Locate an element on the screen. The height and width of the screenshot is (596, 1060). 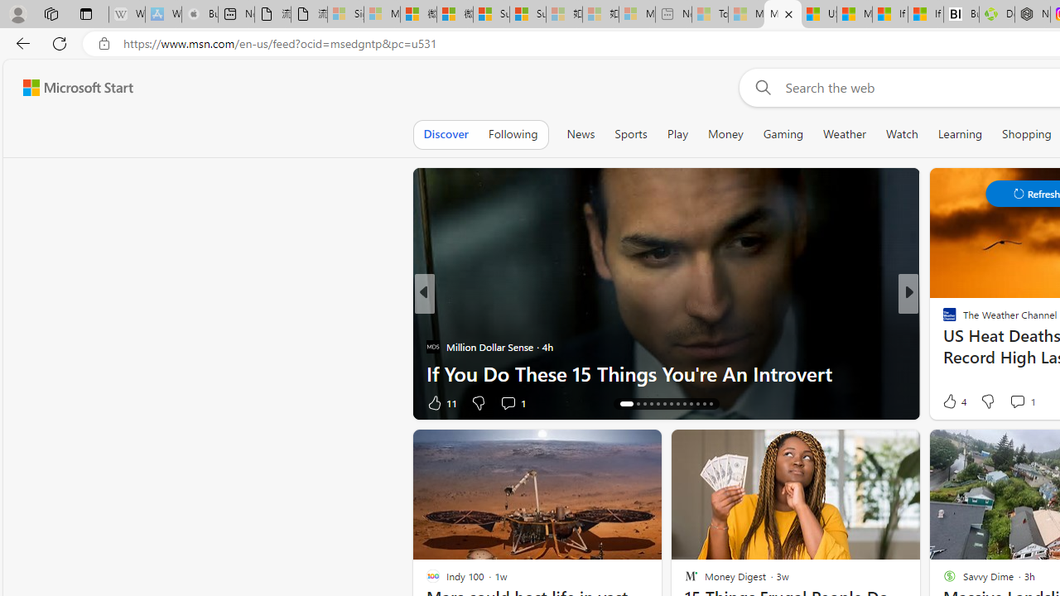
'ChaChingQueen' is located at coordinates (942, 320).